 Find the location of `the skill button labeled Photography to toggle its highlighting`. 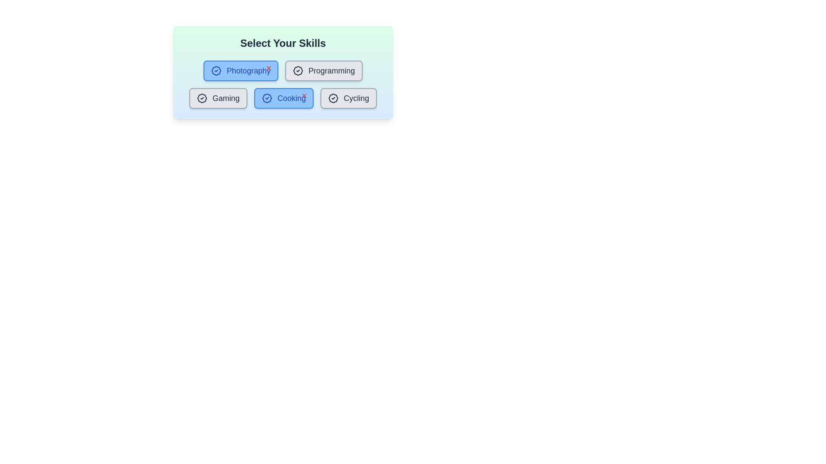

the skill button labeled Photography to toggle its highlighting is located at coordinates (241, 70).